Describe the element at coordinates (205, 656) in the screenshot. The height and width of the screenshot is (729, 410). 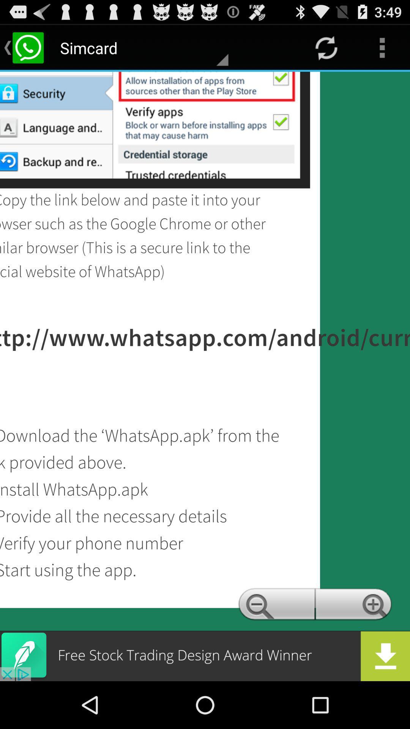
I see `open advertisement` at that location.